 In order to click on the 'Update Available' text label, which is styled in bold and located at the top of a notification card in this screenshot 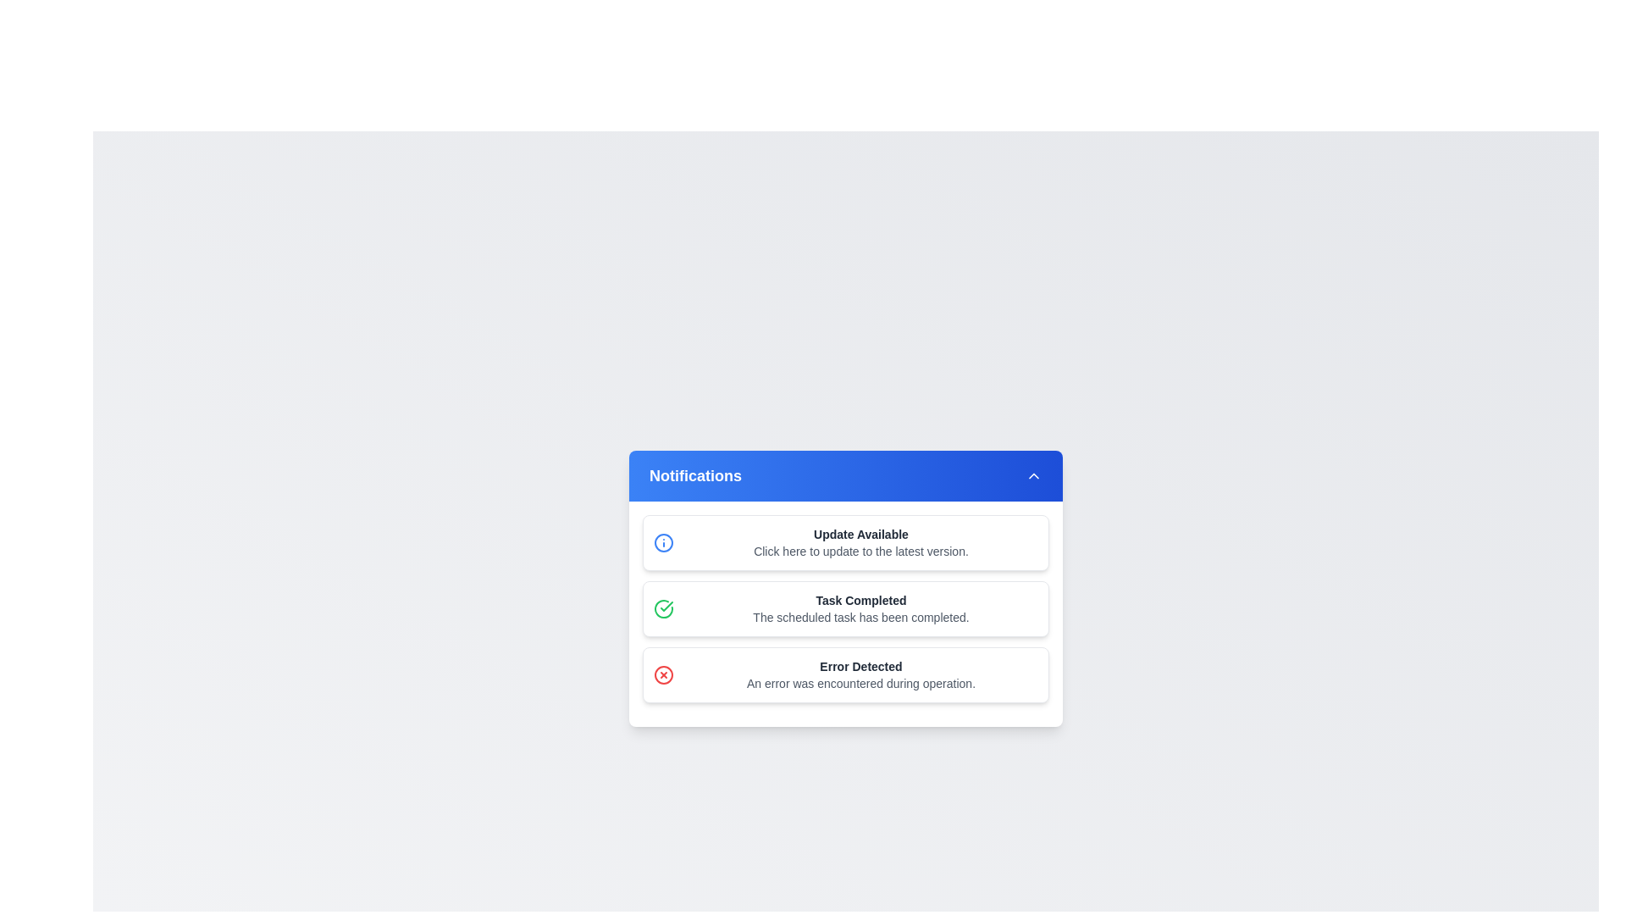, I will do `click(861, 535)`.